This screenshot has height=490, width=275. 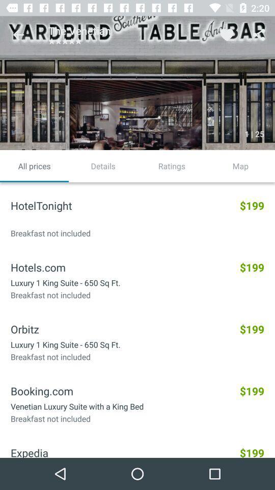 What do you see at coordinates (172, 166) in the screenshot?
I see `the ratings icon` at bounding box center [172, 166].